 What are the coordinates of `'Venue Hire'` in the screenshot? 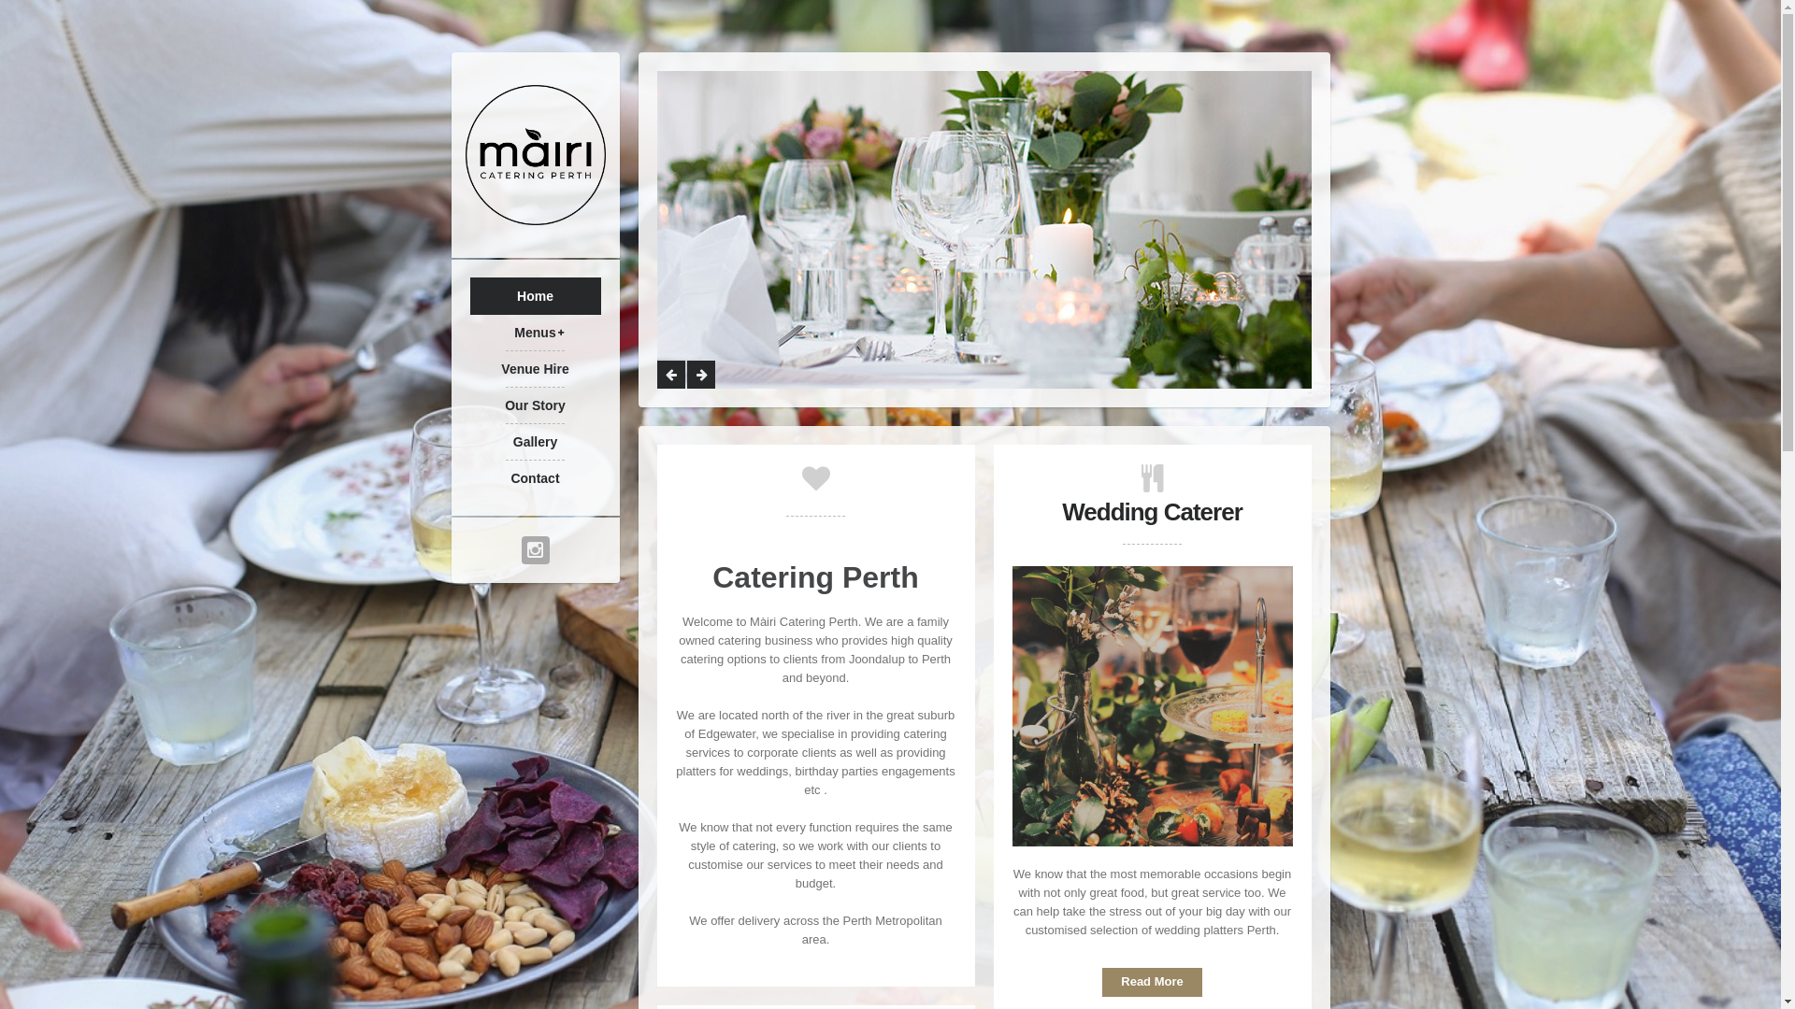 It's located at (533, 368).